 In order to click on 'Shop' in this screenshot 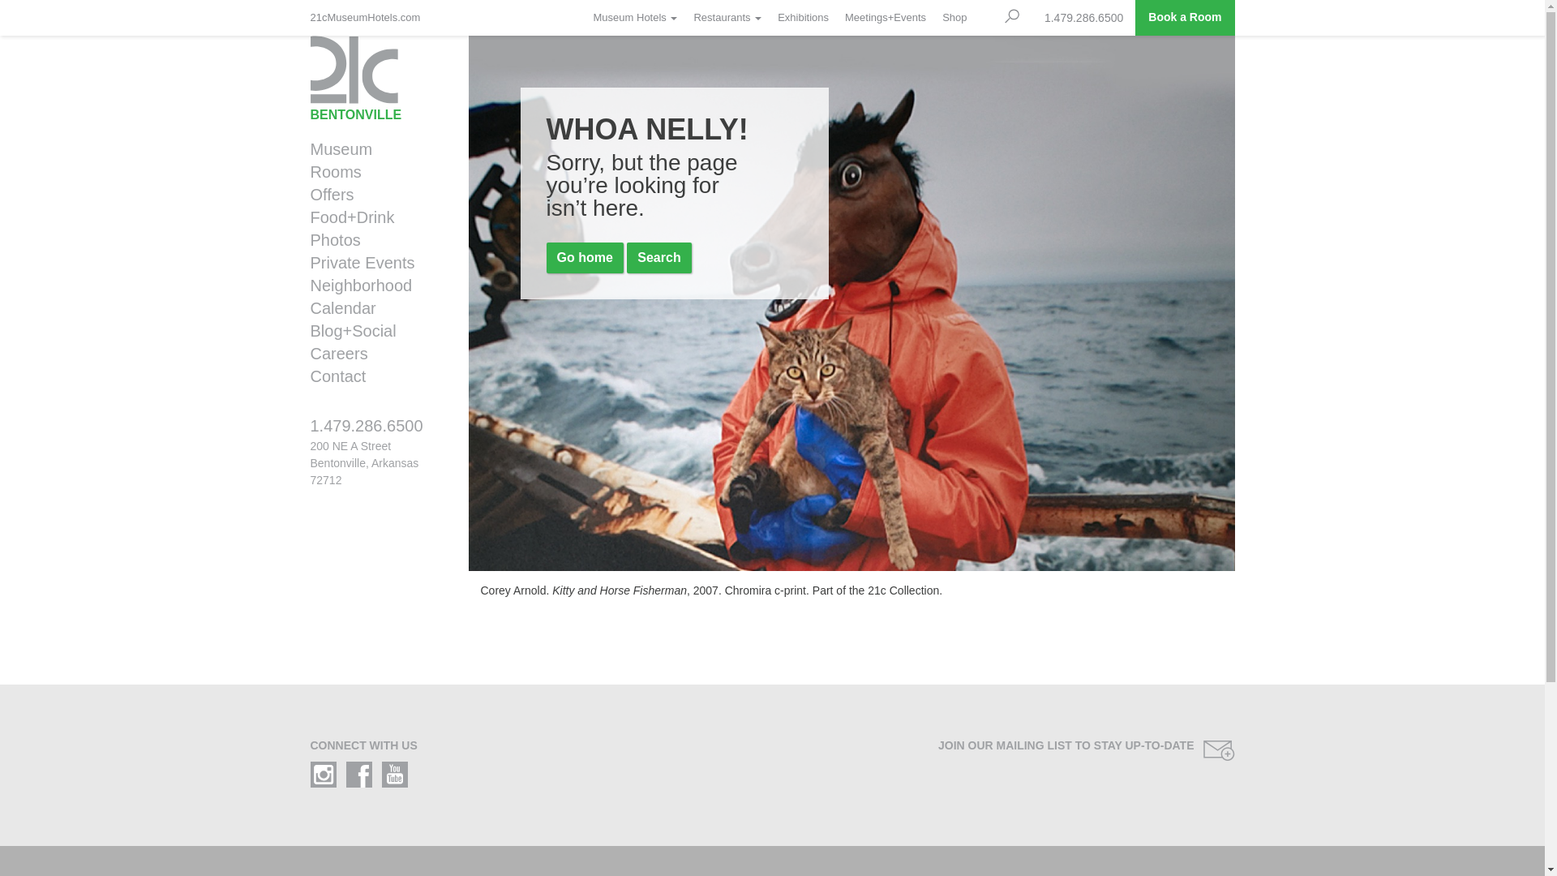, I will do `click(954, 18)`.